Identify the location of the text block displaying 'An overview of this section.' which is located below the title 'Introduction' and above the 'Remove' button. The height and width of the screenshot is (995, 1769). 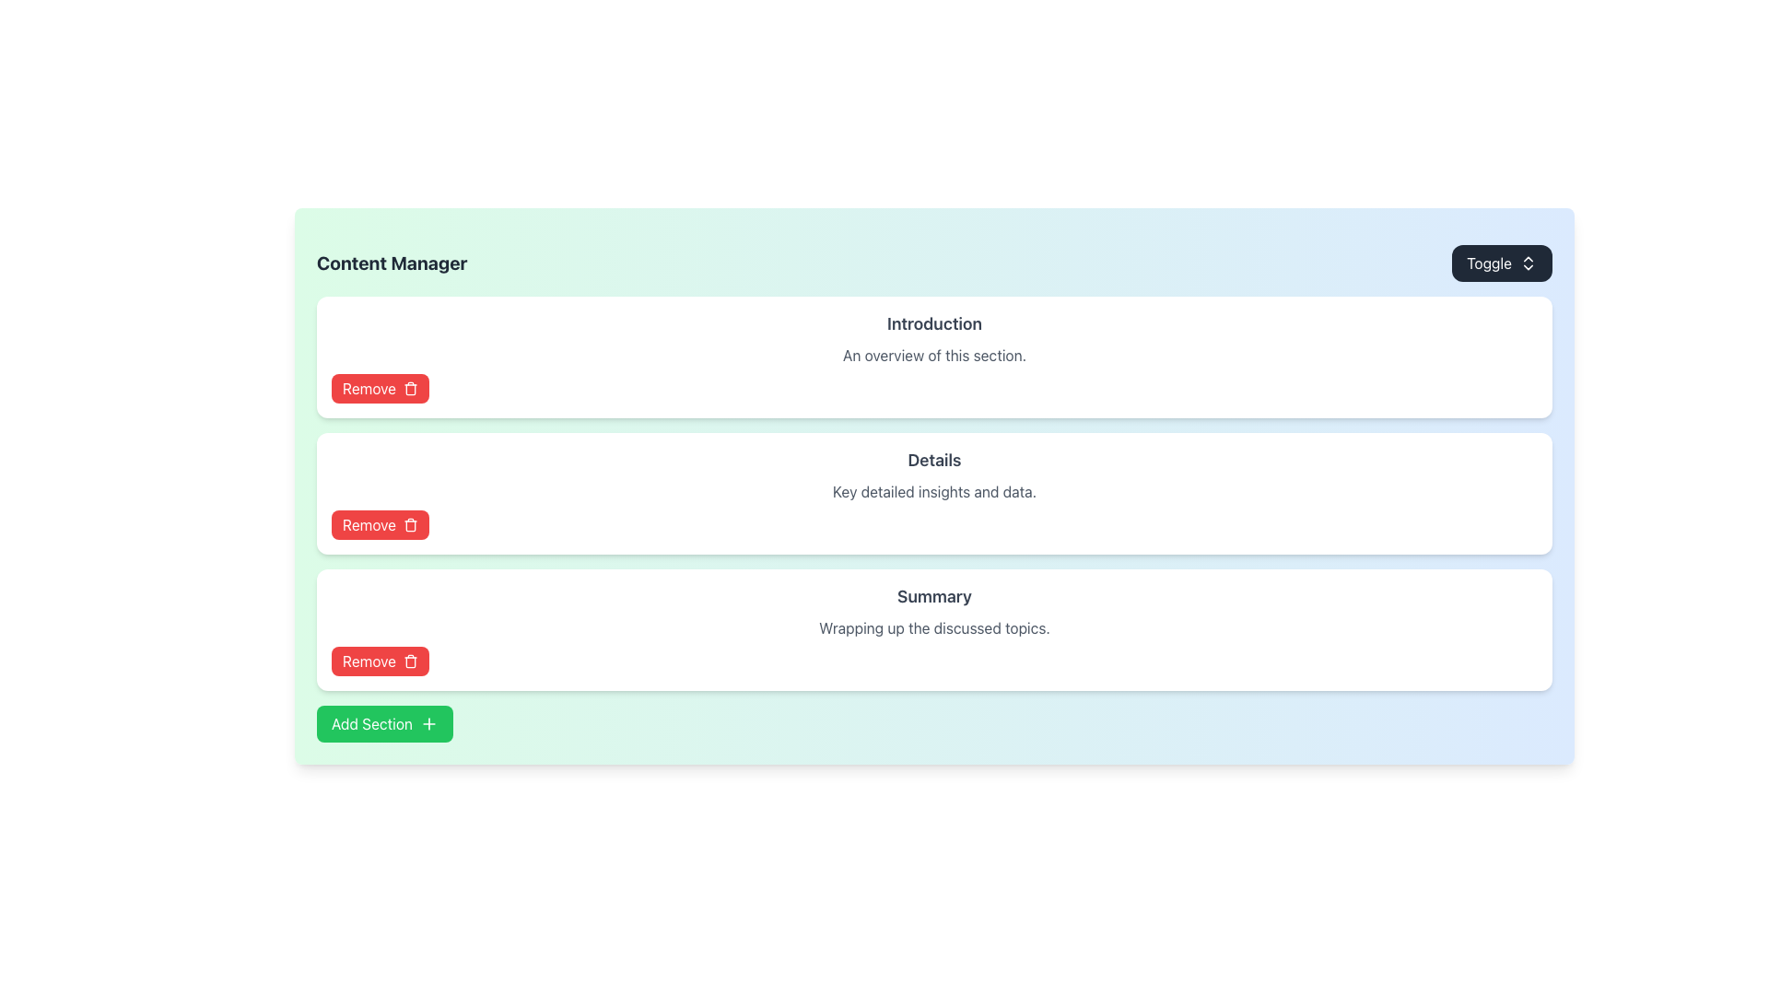
(934, 355).